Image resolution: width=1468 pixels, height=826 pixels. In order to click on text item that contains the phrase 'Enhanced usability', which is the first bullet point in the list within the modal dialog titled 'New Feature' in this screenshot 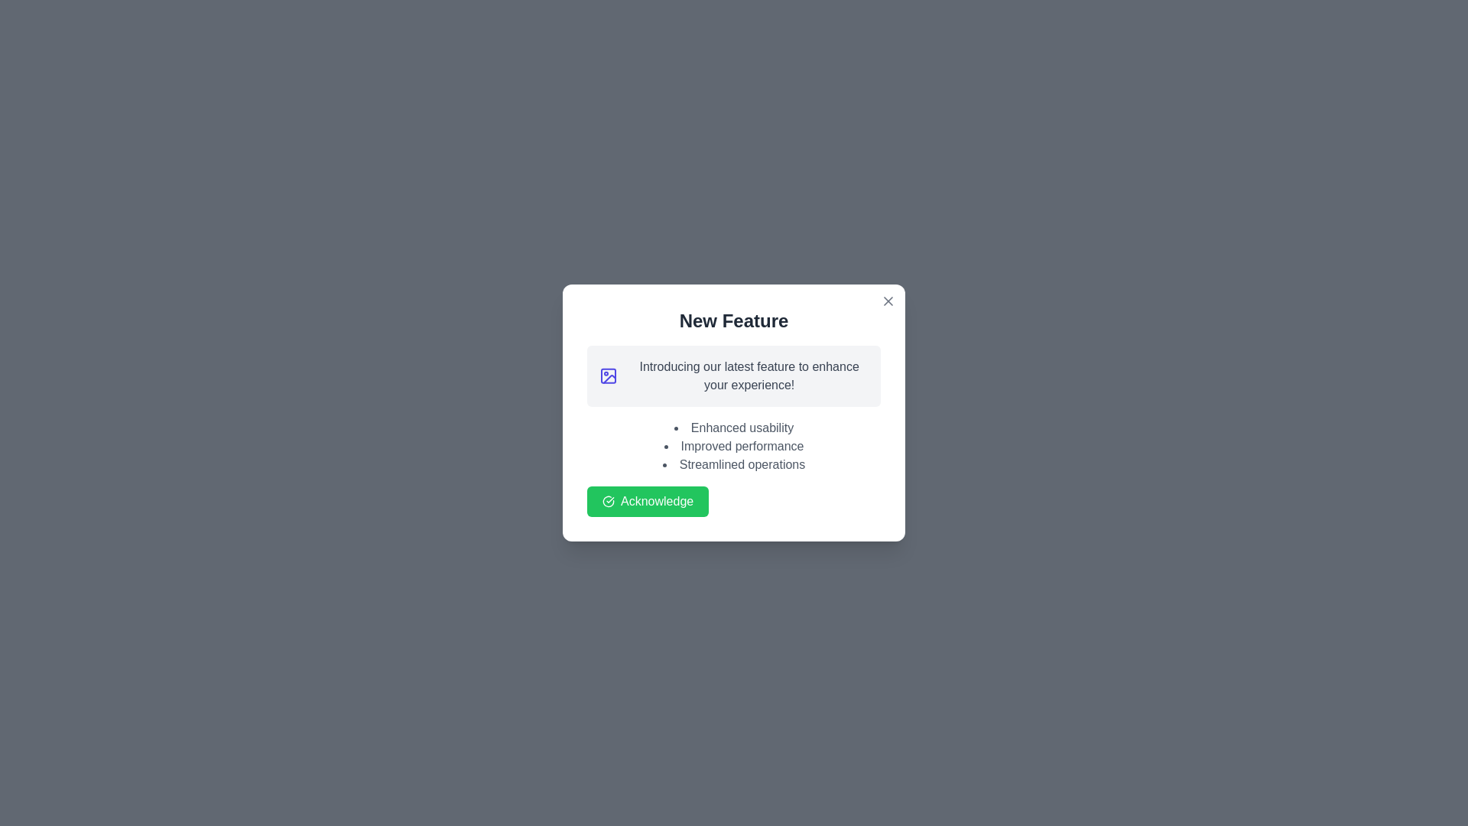, I will do `click(734, 428)`.